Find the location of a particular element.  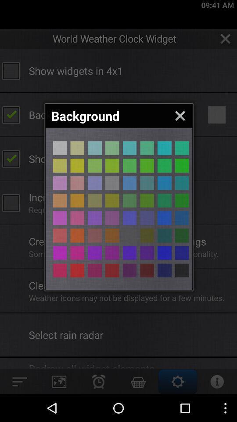

box is located at coordinates (59, 148).